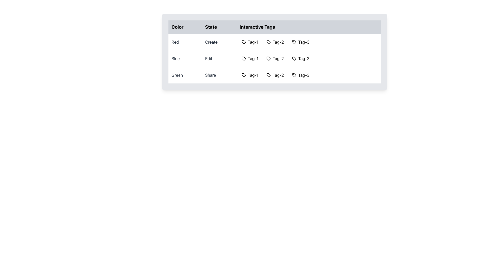 The width and height of the screenshot is (496, 279). Describe the element at coordinates (304, 42) in the screenshot. I see `the static text label representing the third tag in the 'Interactive Tags' column, located in the row marked 'Red' under 'Color' and 'Create' under 'State'` at that location.